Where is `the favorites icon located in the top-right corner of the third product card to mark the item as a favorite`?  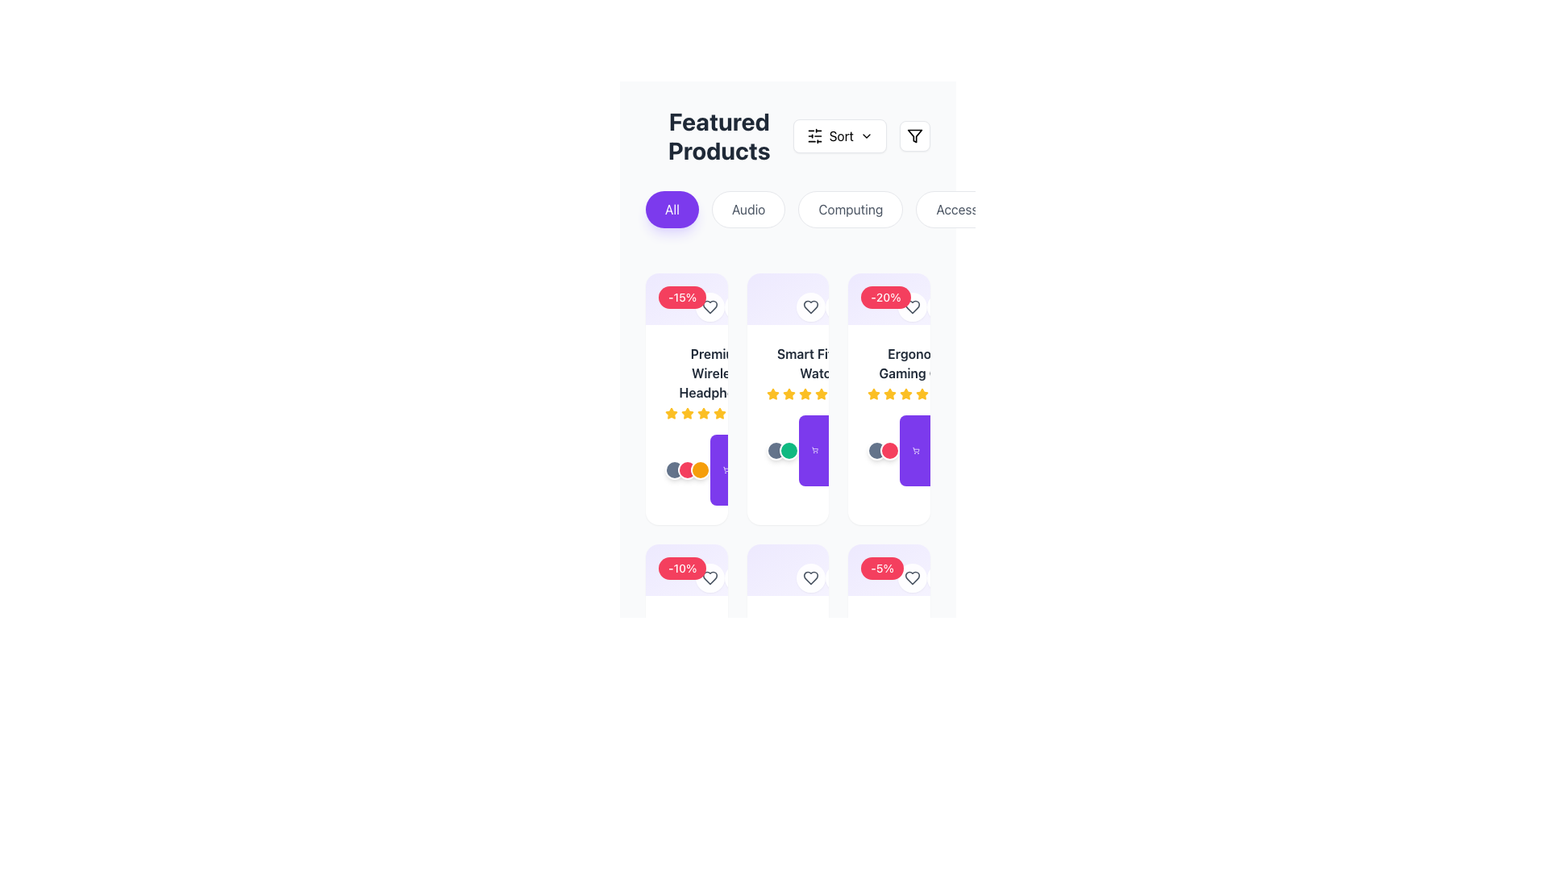 the favorites icon located in the top-right corner of the third product card to mark the item as a favorite is located at coordinates (811, 307).